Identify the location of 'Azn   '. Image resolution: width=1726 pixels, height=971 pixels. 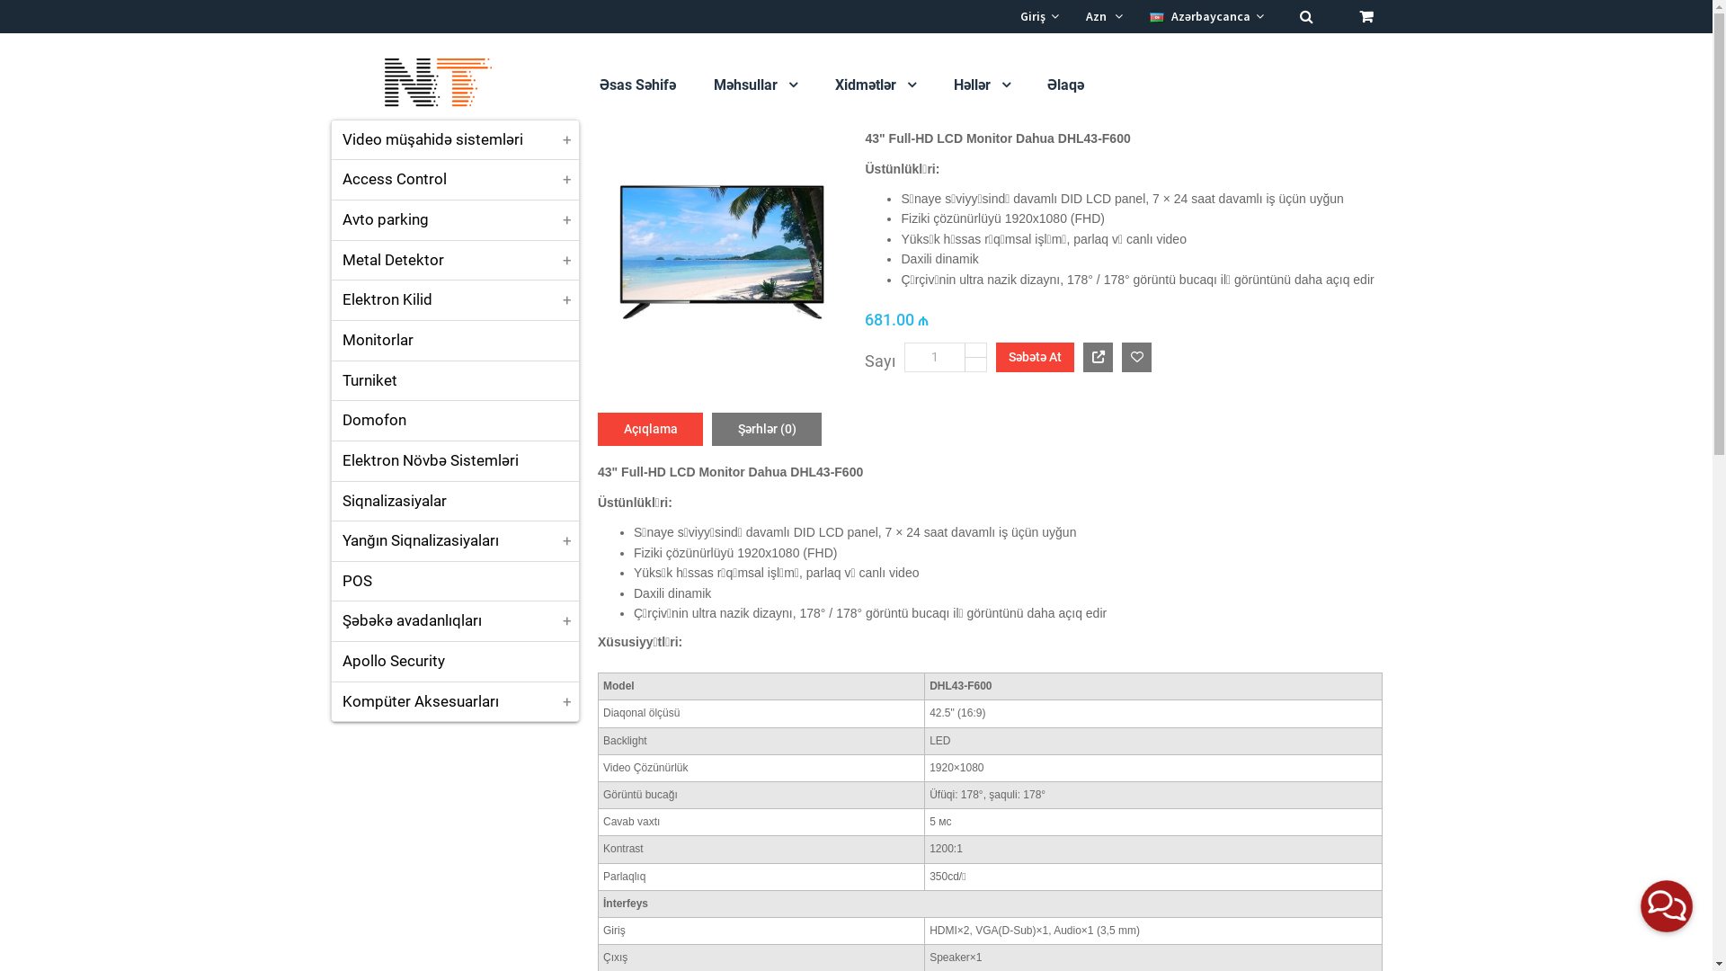
(1085, 16).